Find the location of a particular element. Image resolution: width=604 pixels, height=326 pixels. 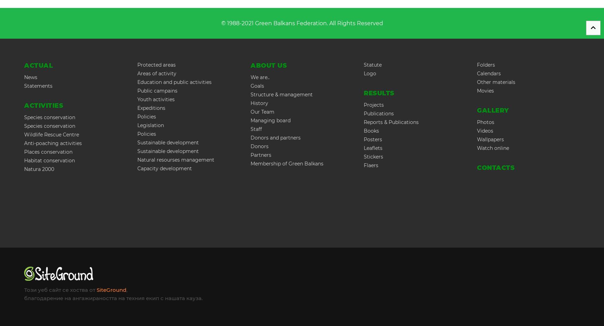

'Natural resourses management' is located at coordinates (175, 160).